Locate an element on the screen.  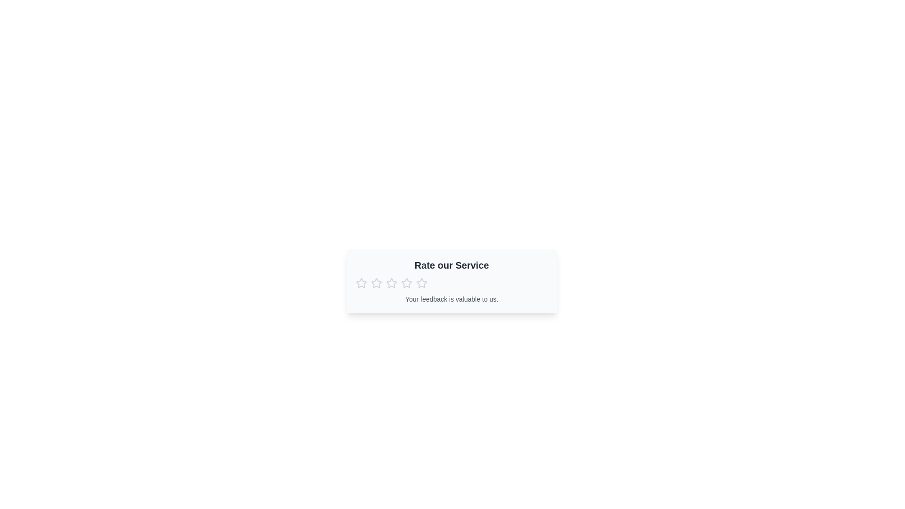
the third star in the rating widget is located at coordinates (391, 283).